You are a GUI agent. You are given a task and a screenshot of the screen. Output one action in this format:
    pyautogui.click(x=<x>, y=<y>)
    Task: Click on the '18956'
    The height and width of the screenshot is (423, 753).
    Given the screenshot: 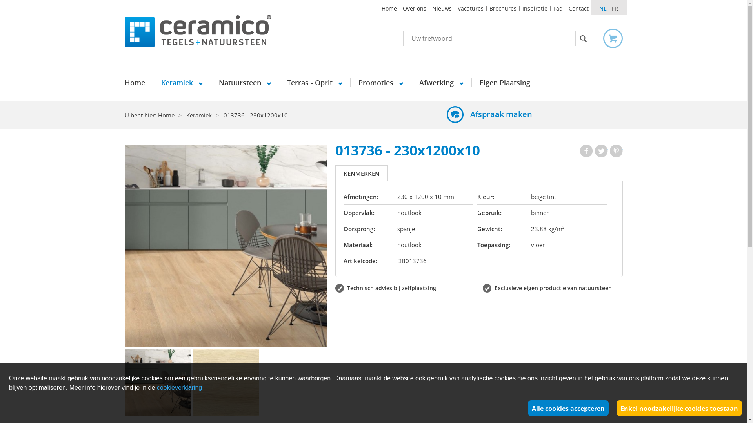 What is the action you would take?
    pyautogui.click(x=226, y=382)
    